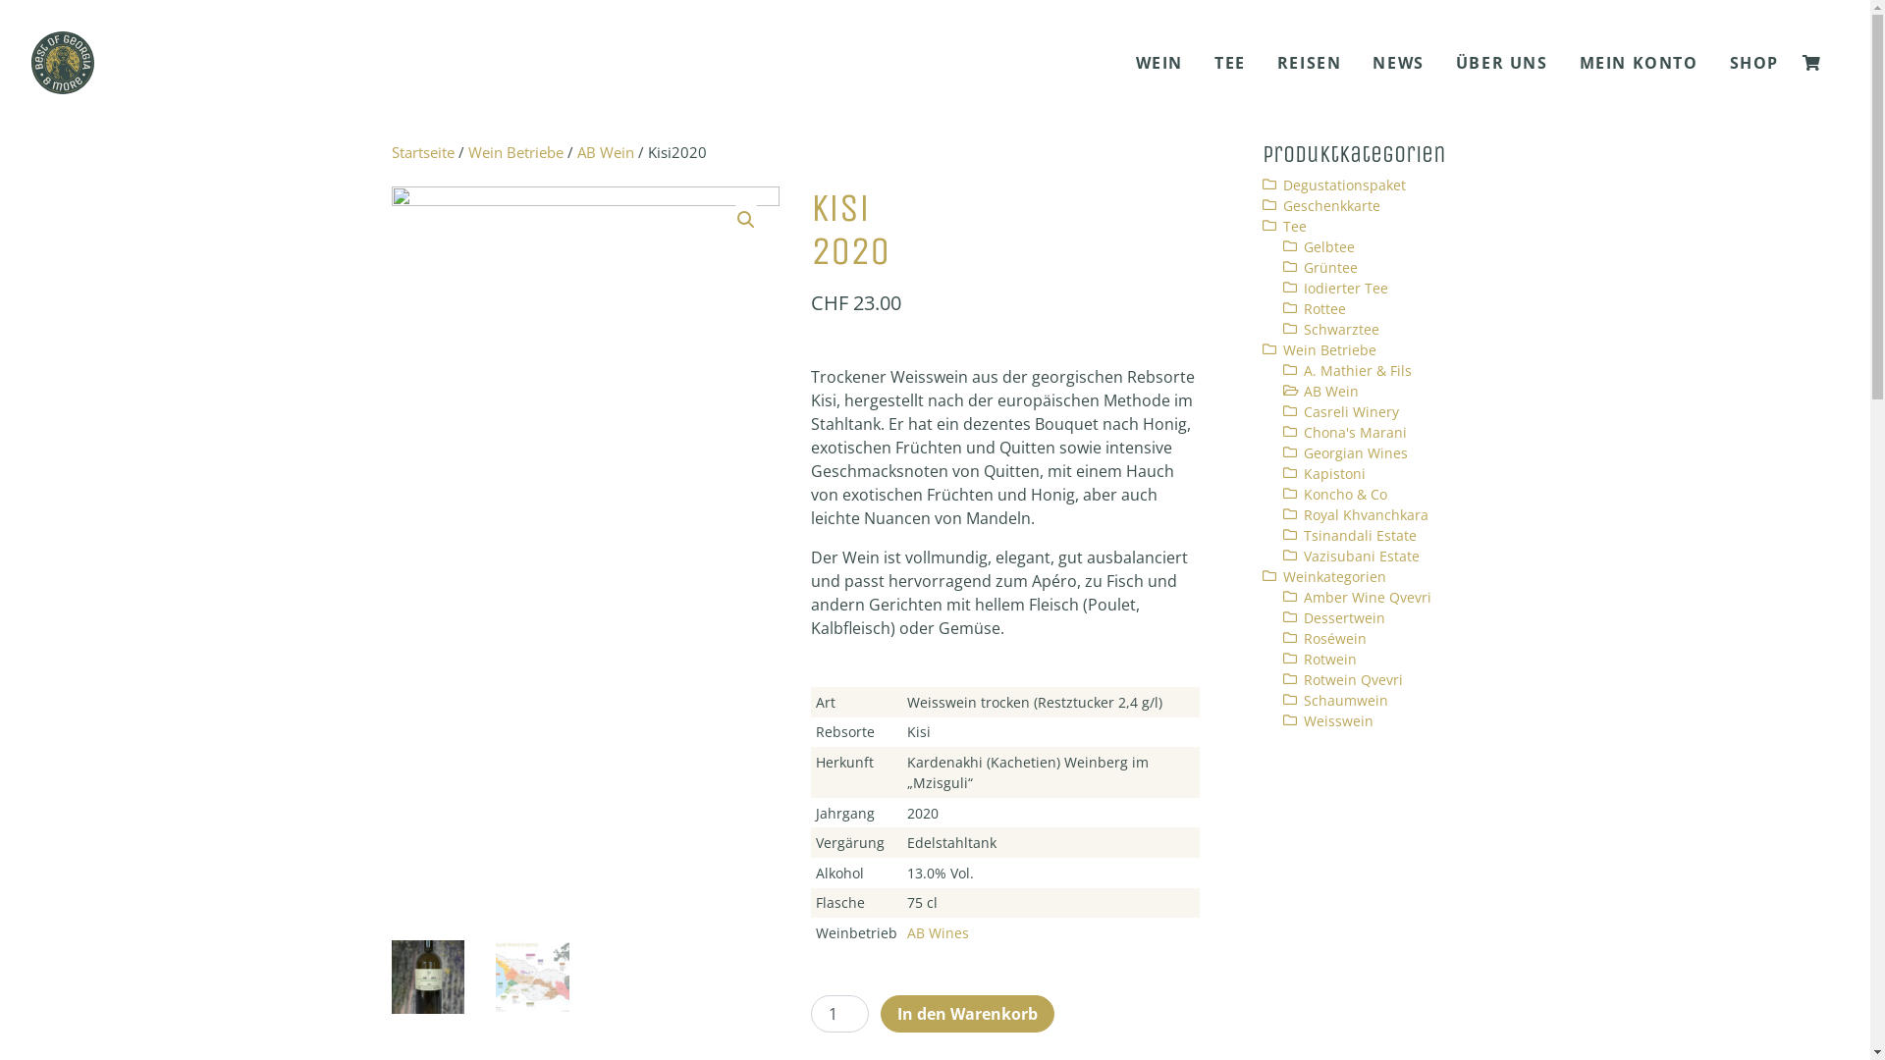  Describe the element at coordinates (1344, 493) in the screenshot. I see `'Koncho & Co'` at that location.